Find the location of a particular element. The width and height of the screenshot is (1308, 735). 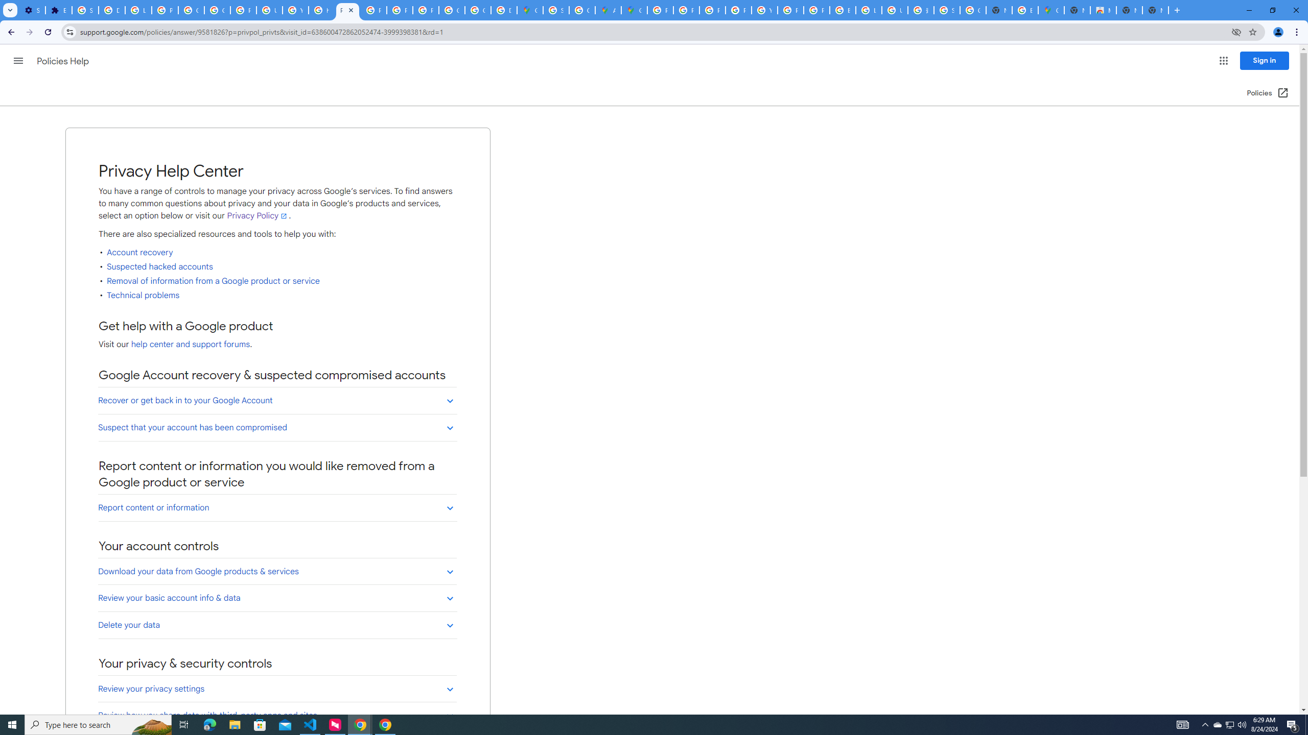

'Suspect that your account has been compromised' is located at coordinates (277, 427).